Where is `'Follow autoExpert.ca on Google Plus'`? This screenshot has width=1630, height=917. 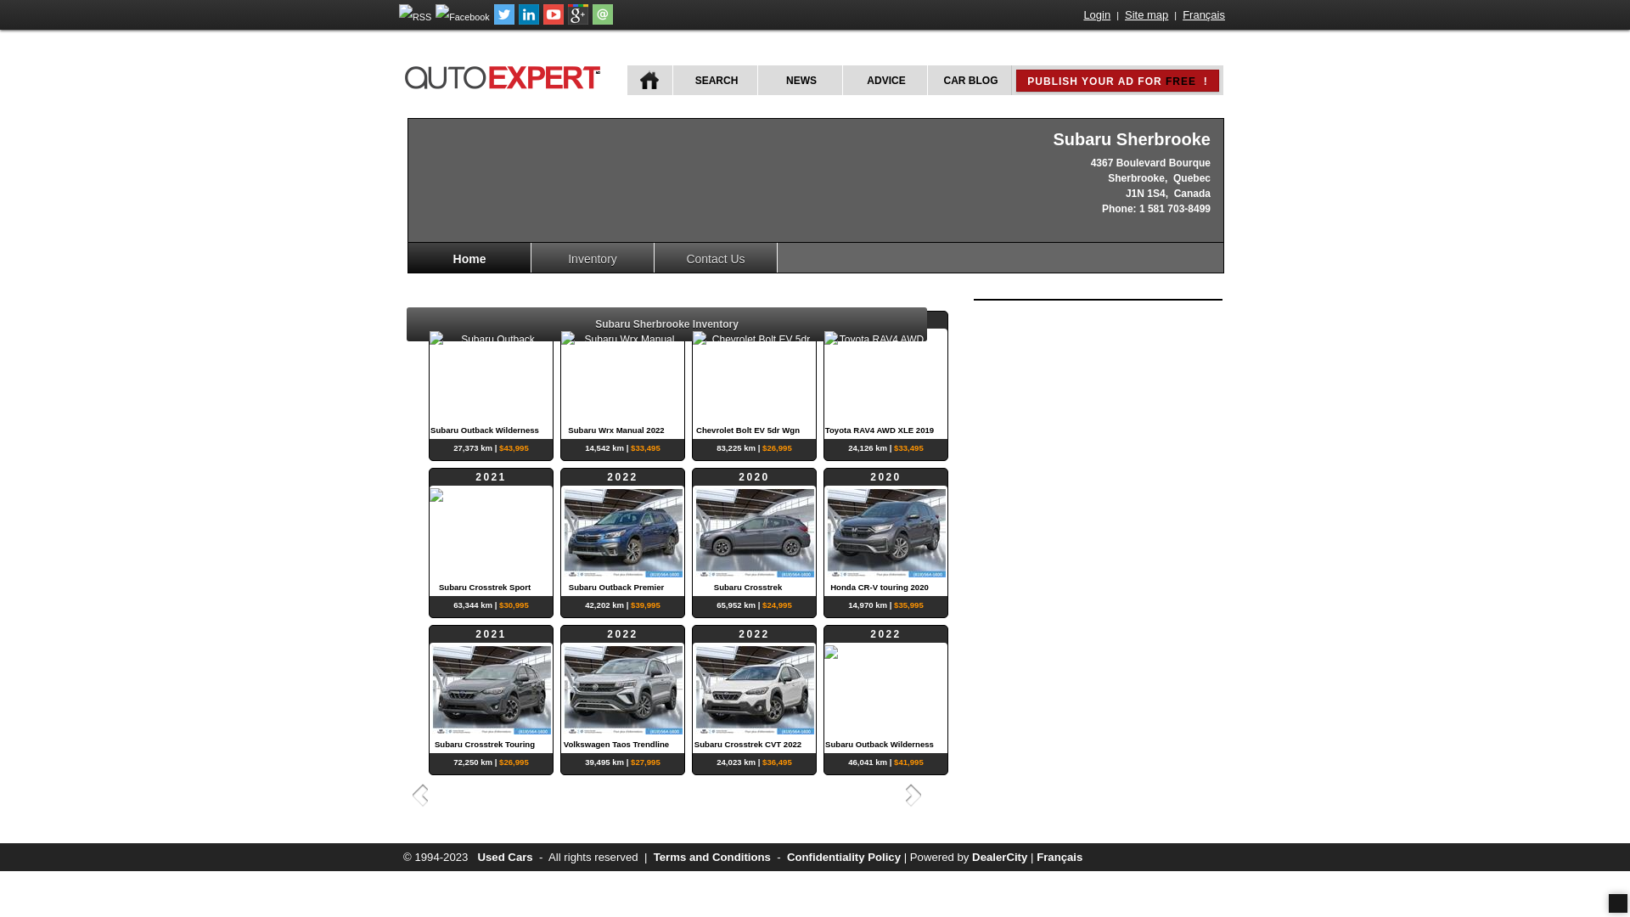
'Follow autoExpert.ca on Google Plus' is located at coordinates (578, 20).